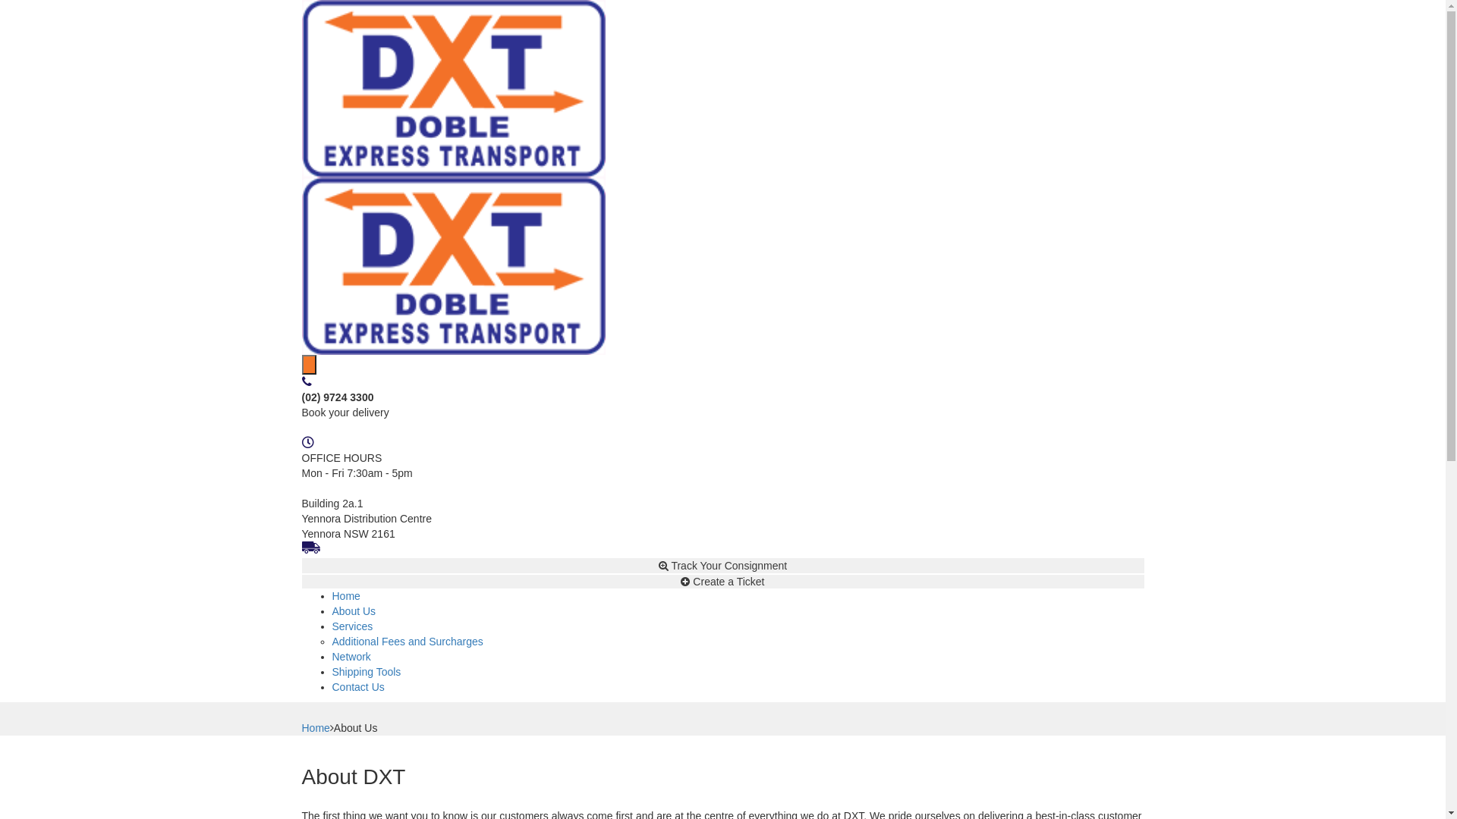 The width and height of the screenshot is (1457, 819). What do you see at coordinates (353, 610) in the screenshot?
I see `'About Us'` at bounding box center [353, 610].